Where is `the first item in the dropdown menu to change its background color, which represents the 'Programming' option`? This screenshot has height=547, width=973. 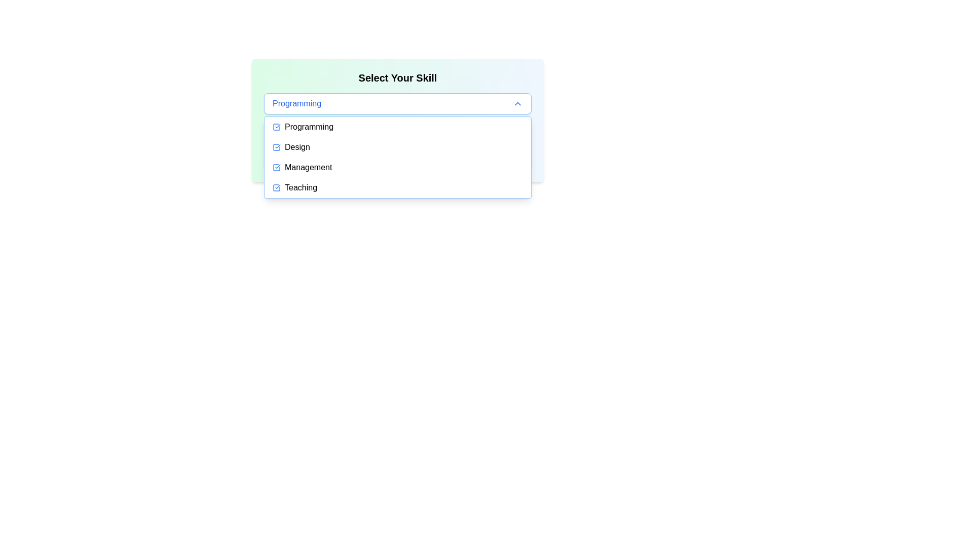
the first item in the dropdown menu to change its background color, which represents the 'Programming' option is located at coordinates (397, 126).